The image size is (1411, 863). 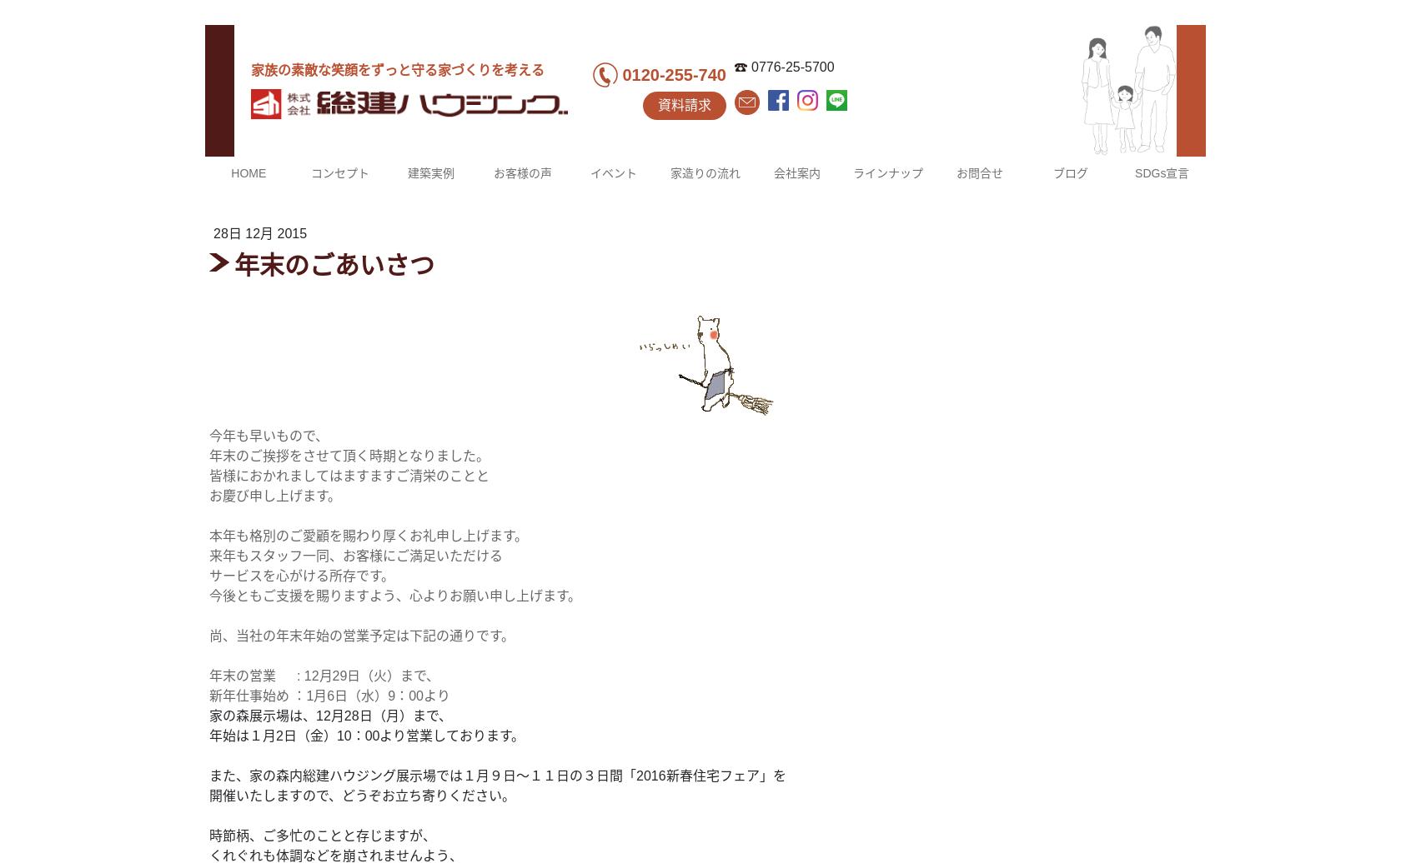 I want to click on 'HIRAYA＜平屋＞', so click(x=896, y=423).